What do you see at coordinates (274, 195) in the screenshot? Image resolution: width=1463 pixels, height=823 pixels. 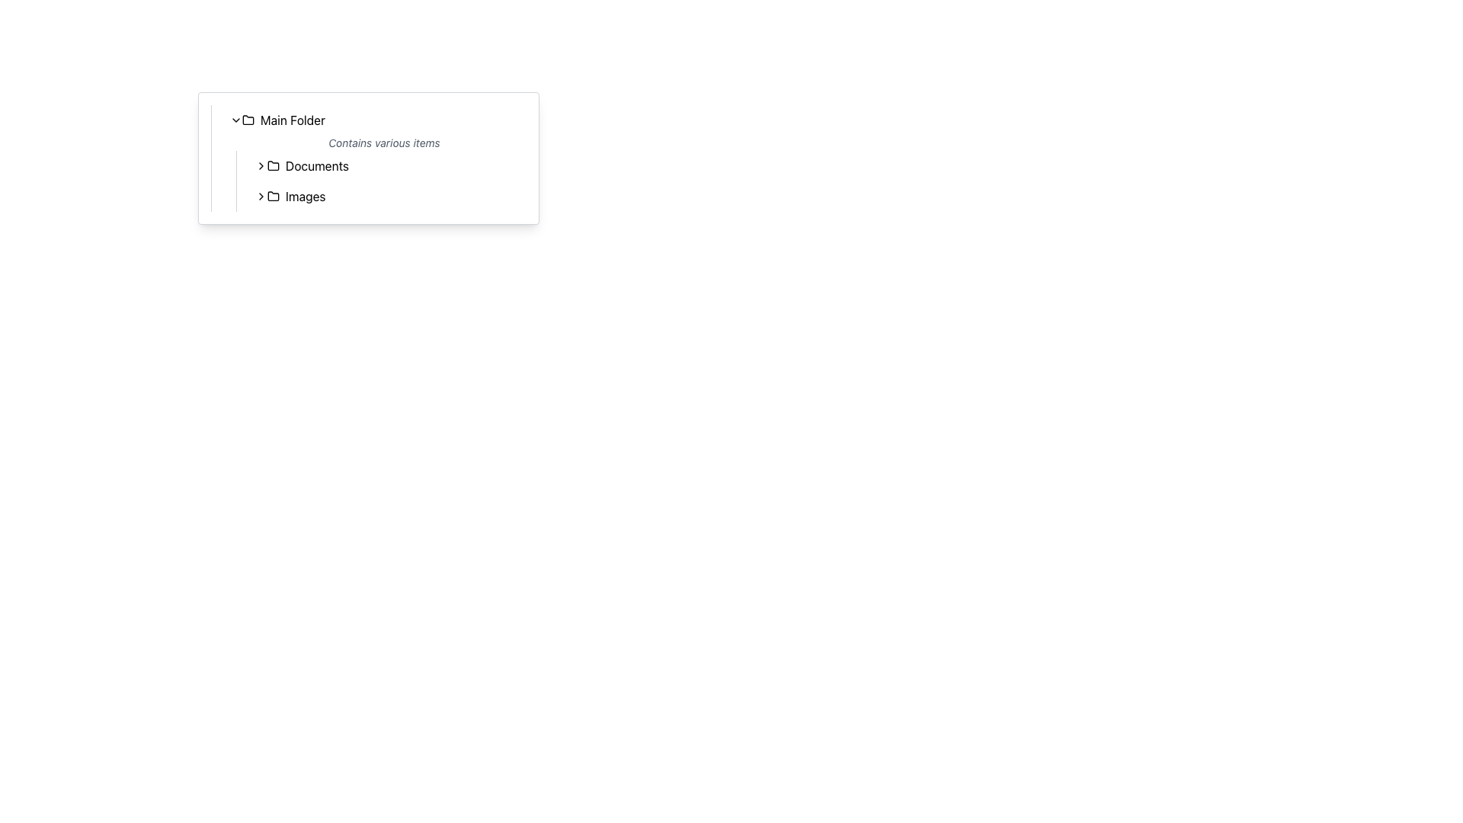 I see `the SVG Folder Icon representing the 'Images' folder` at bounding box center [274, 195].